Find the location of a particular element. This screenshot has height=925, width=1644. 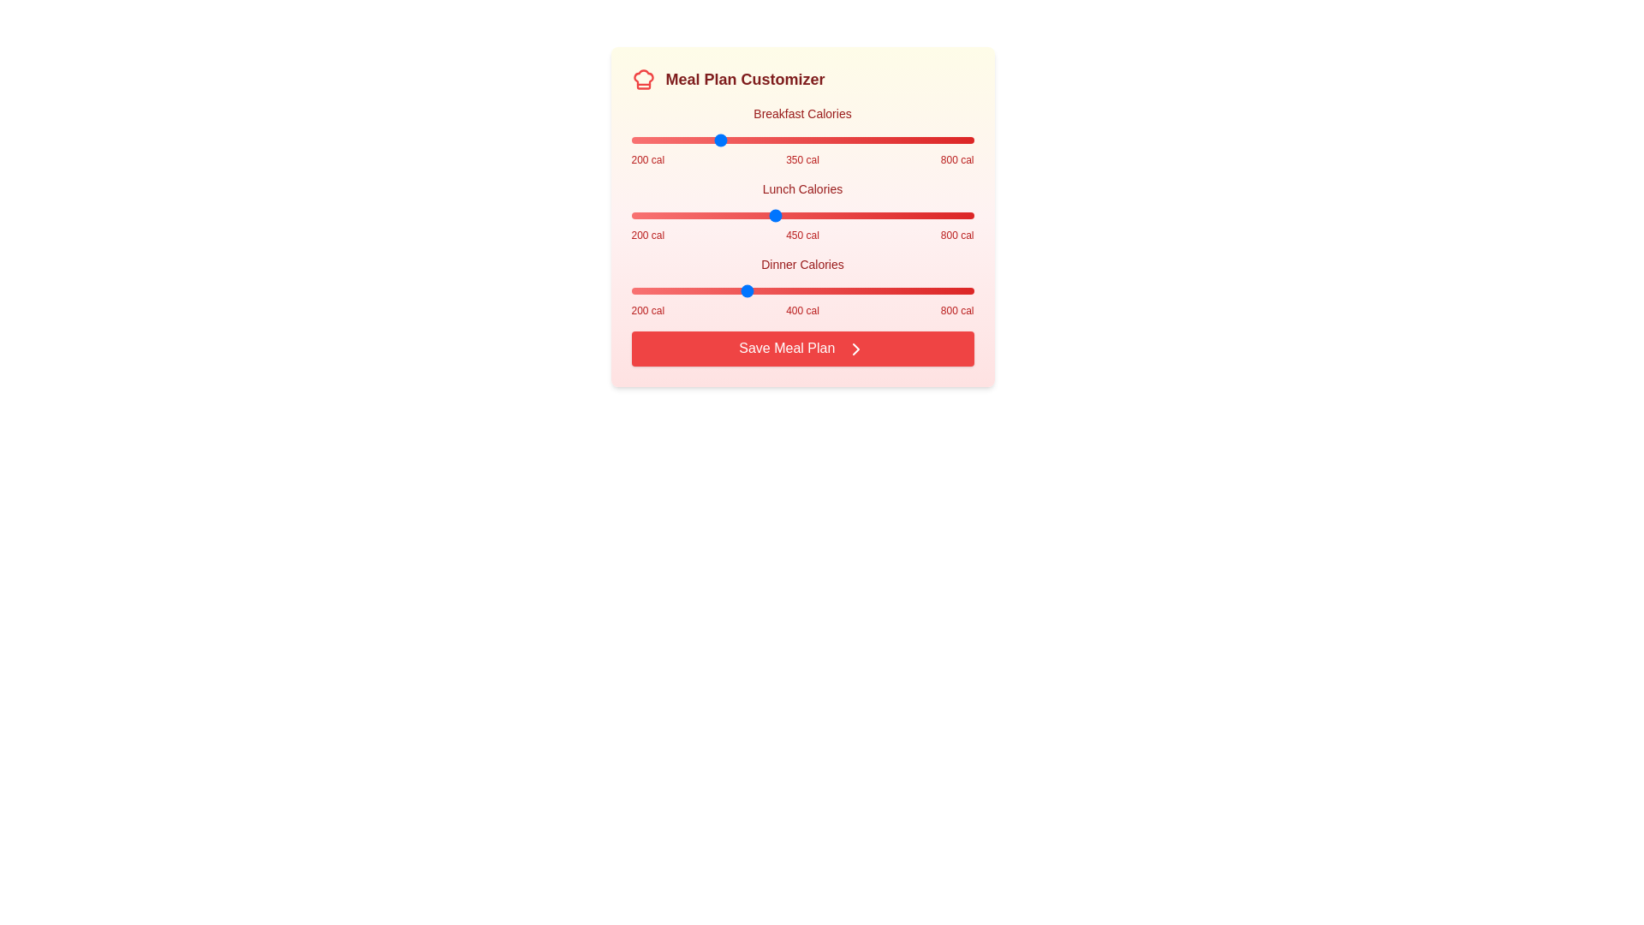

the Dinner calorie slider to 363 calories is located at coordinates (724, 289).